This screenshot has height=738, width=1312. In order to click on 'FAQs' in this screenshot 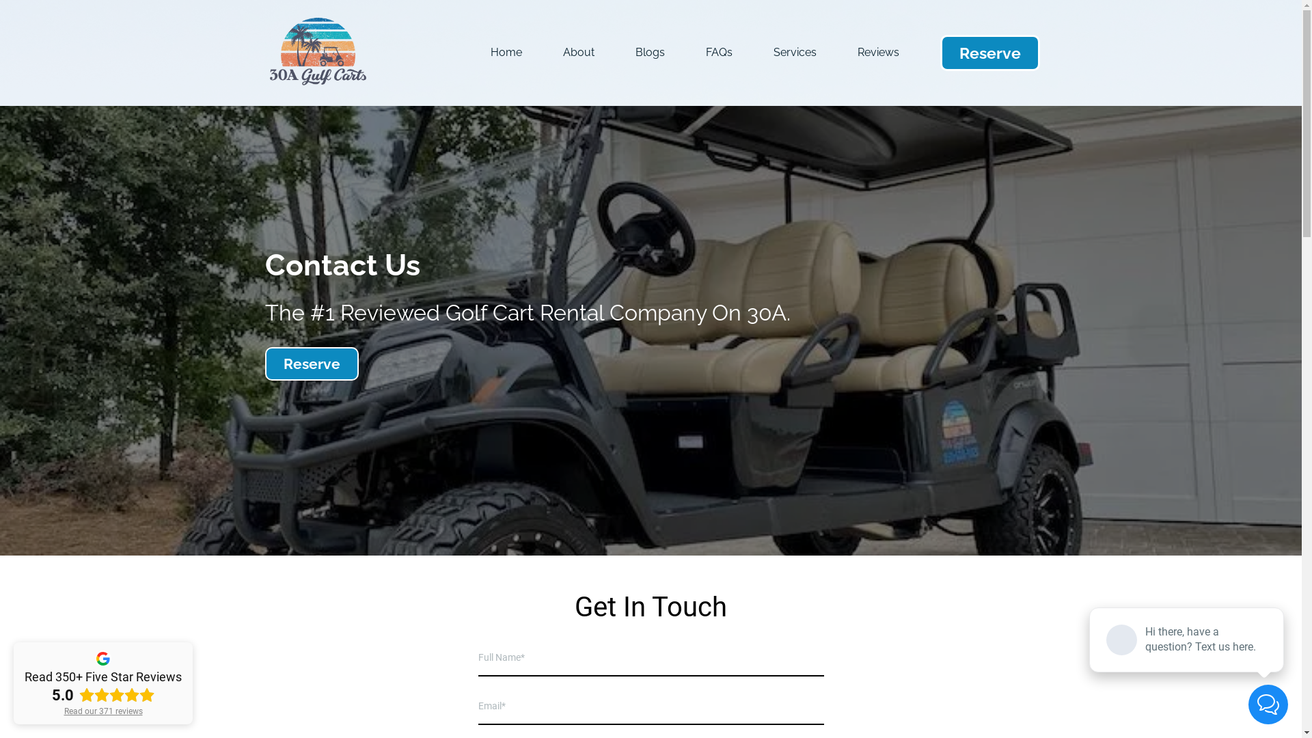, I will do `click(718, 52)`.